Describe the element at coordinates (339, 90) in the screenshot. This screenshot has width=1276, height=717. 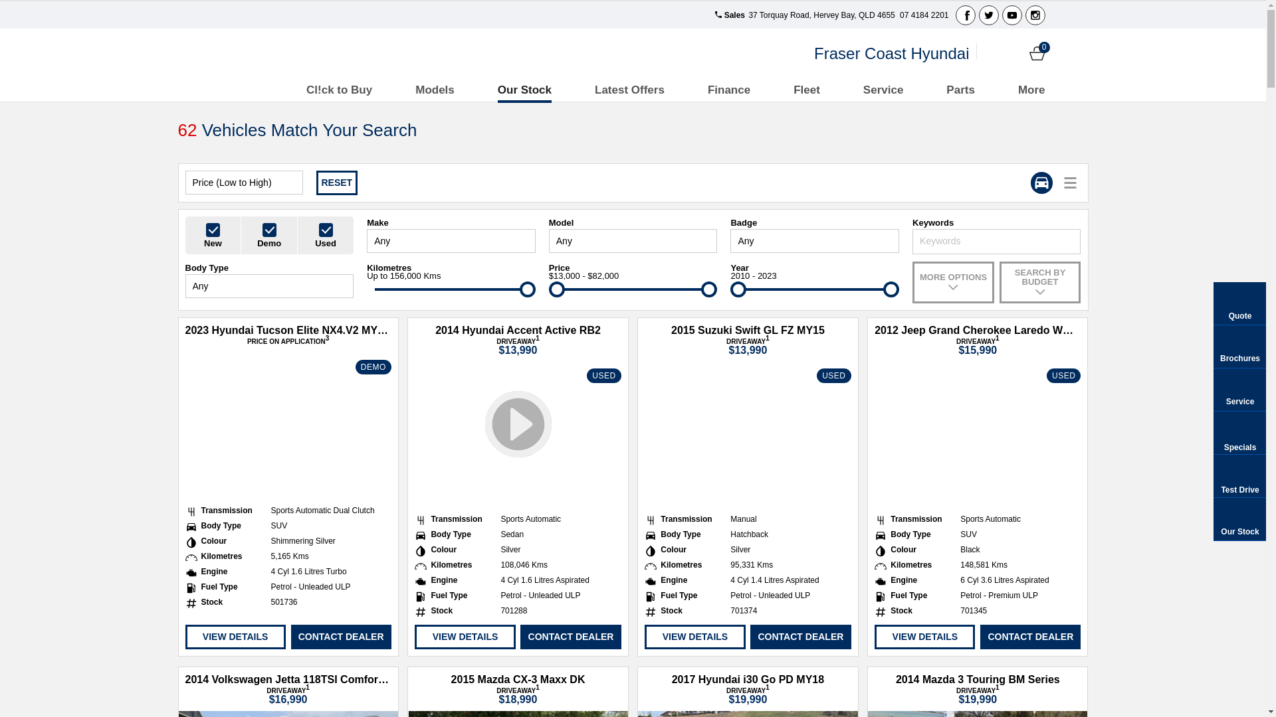
I see `'Cl!ck to Buy'` at that location.